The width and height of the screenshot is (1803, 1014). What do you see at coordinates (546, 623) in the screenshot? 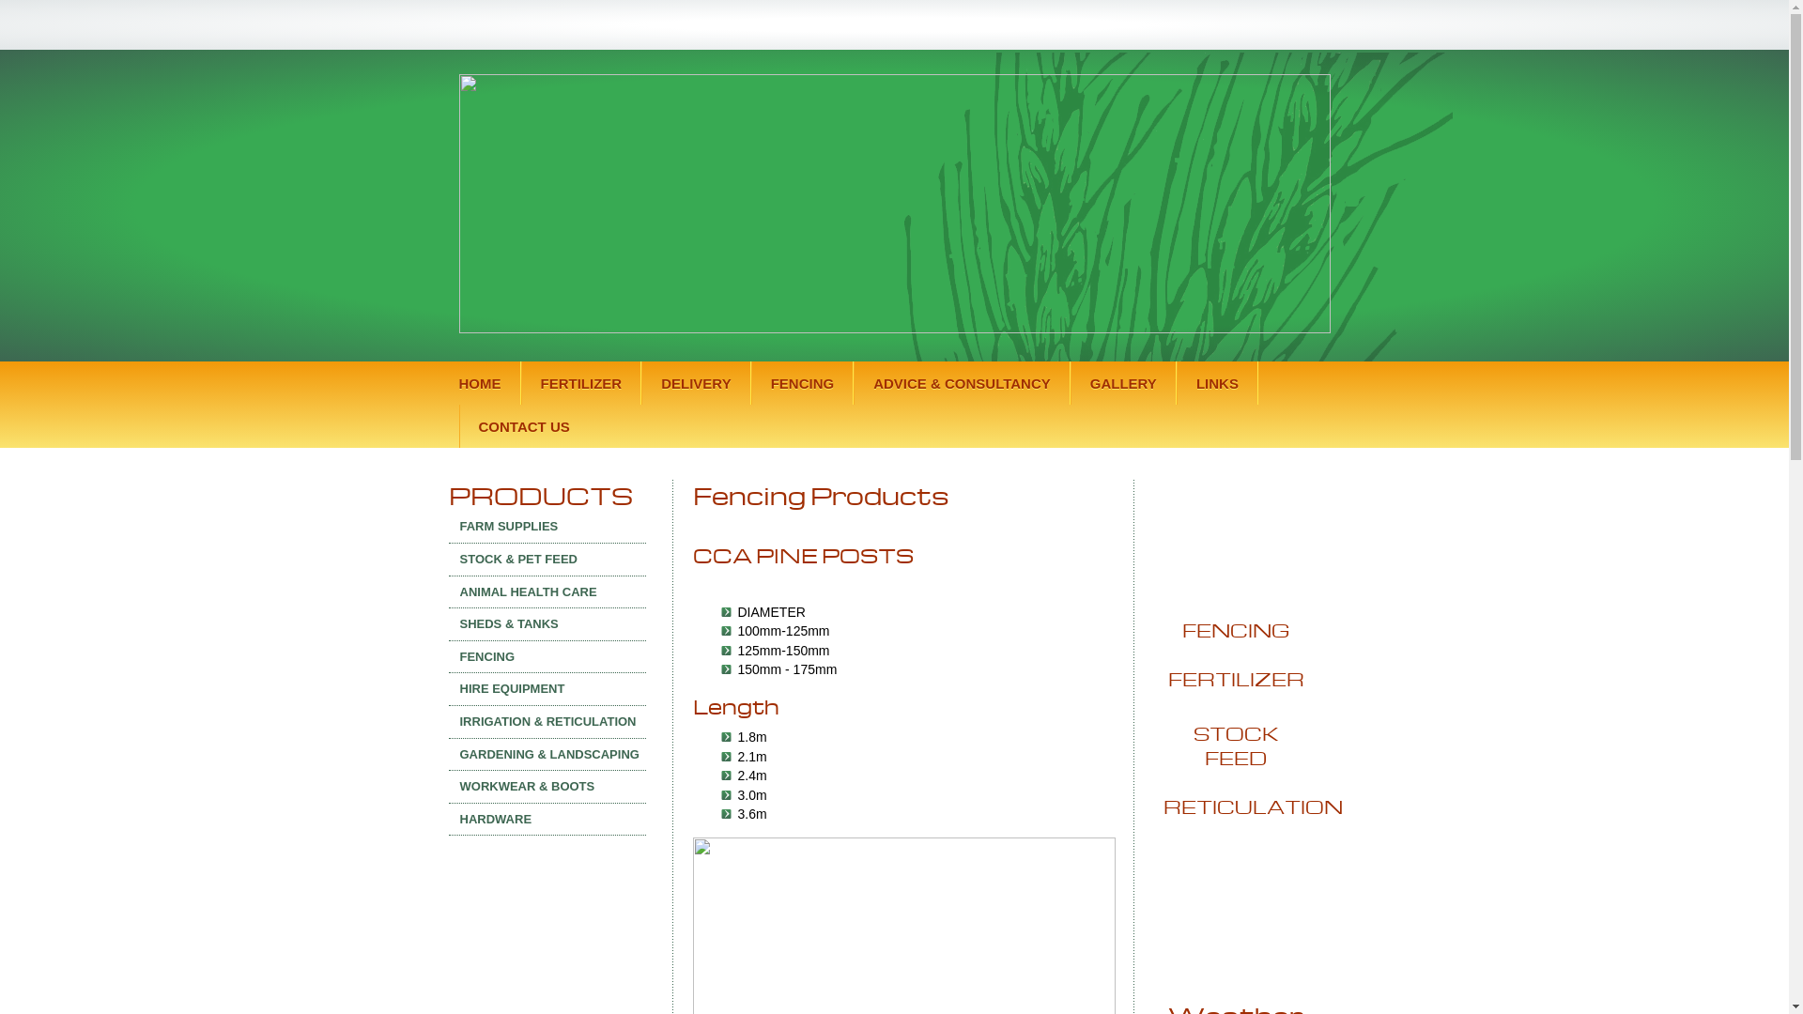
I see `'SHEDS & TANKS'` at bounding box center [546, 623].